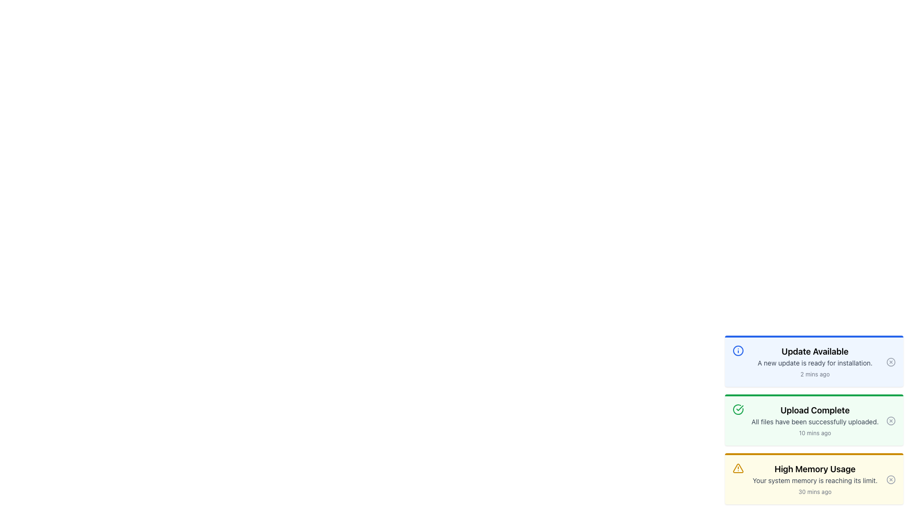 This screenshot has width=911, height=512. What do you see at coordinates (737, 351) in the screenshot?
I see `the Circular icon located in the top left corner of the 'Update Available' notification box to indicate informative content or a status update` at bounding box center [737, 351].